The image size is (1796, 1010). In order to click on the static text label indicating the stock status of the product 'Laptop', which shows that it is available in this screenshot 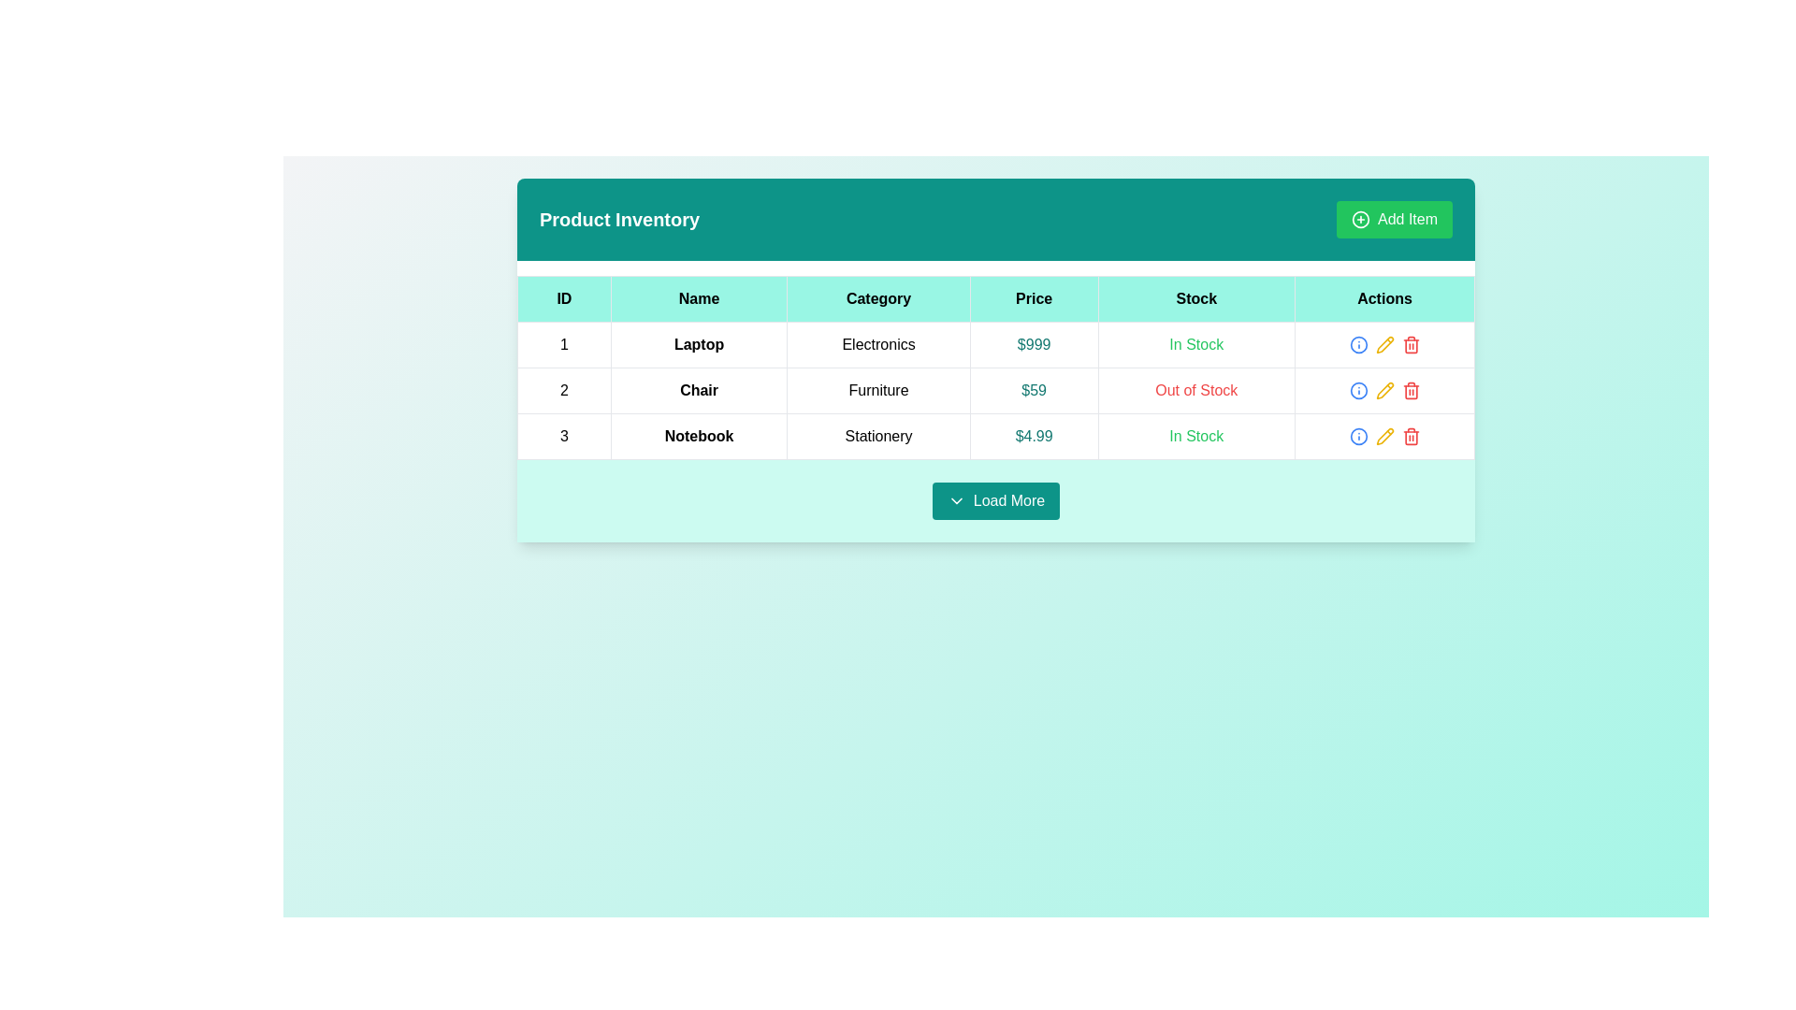, I will do `click(1195, 344)`.